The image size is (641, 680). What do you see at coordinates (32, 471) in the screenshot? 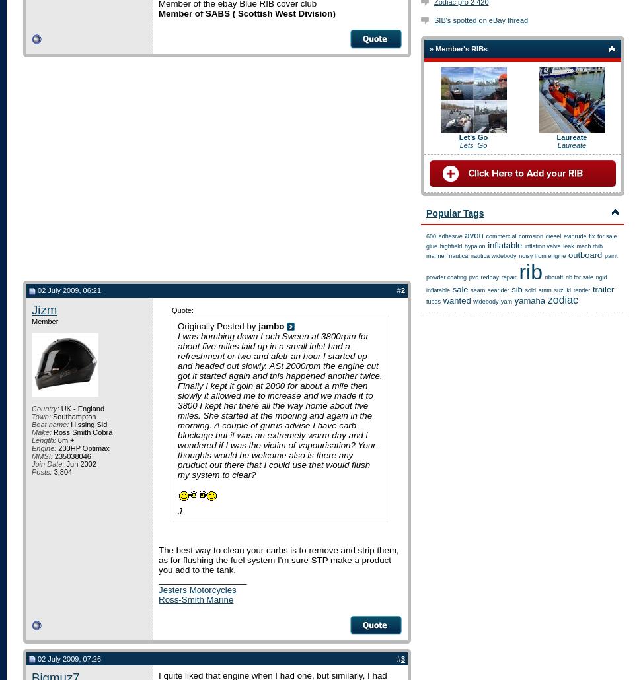
I see `'Posts:'` at bounding box center [32, 471].